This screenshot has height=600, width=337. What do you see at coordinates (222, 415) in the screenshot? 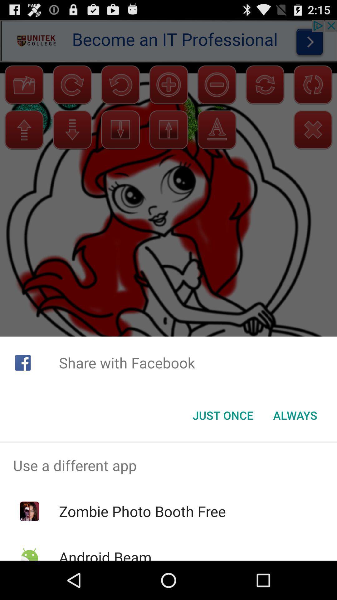
I see `the just once item` at bounding box center [222, 415].